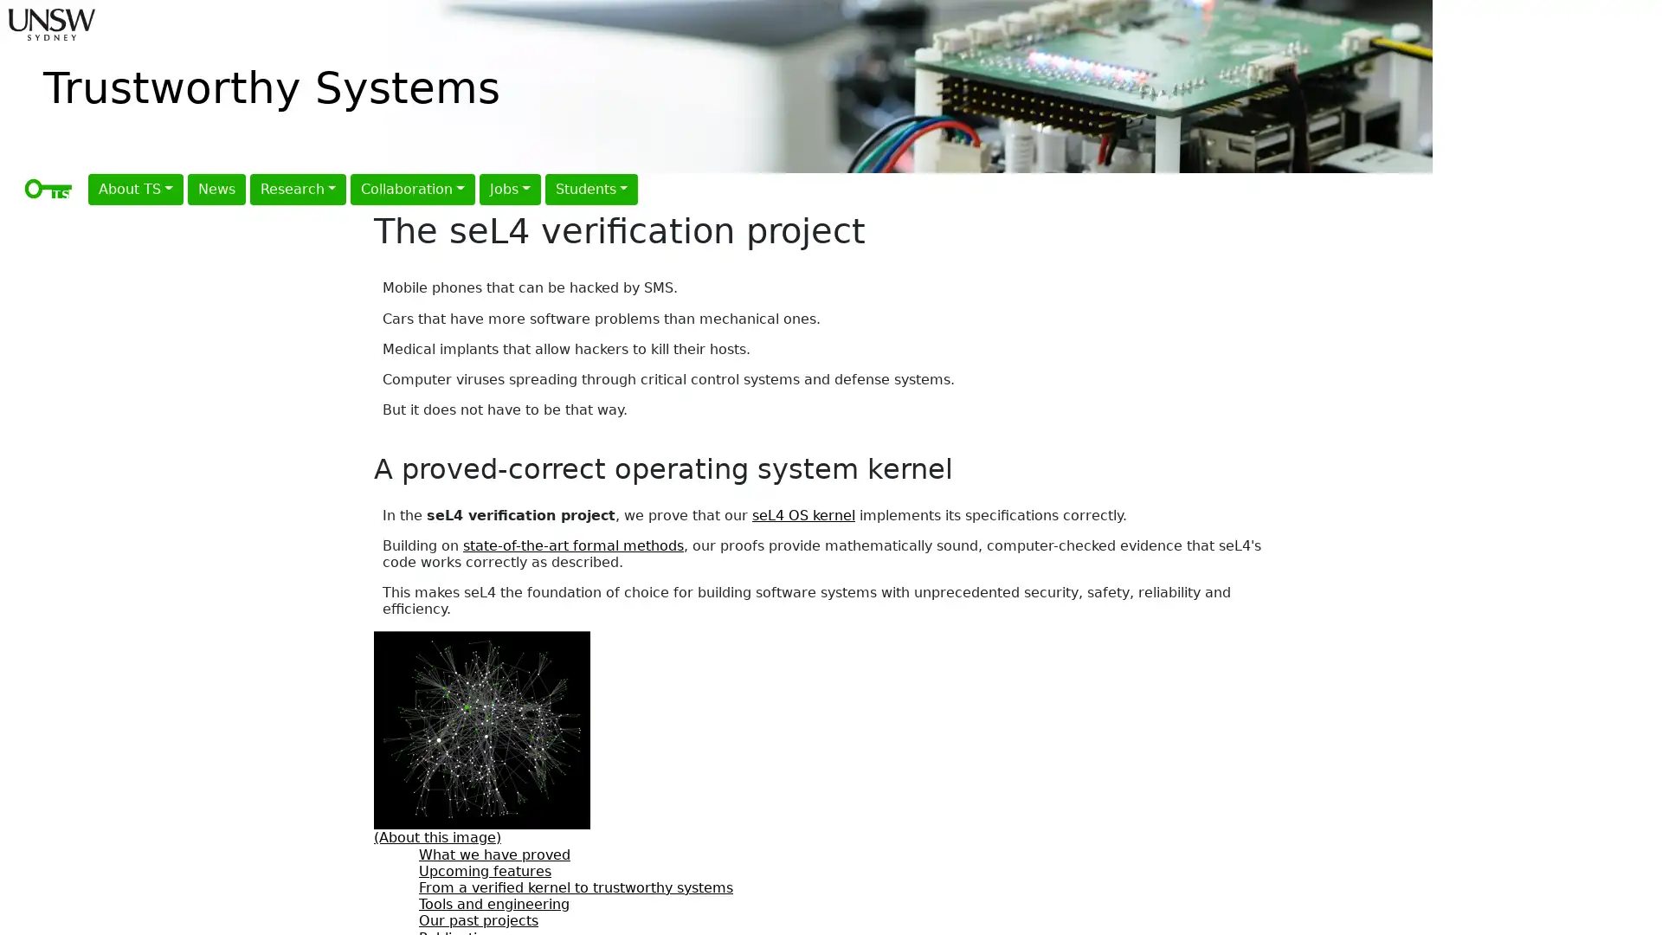 The width and height of the screenshot is (1662, 935). I want to click on Collaboration, so click(411, 189).